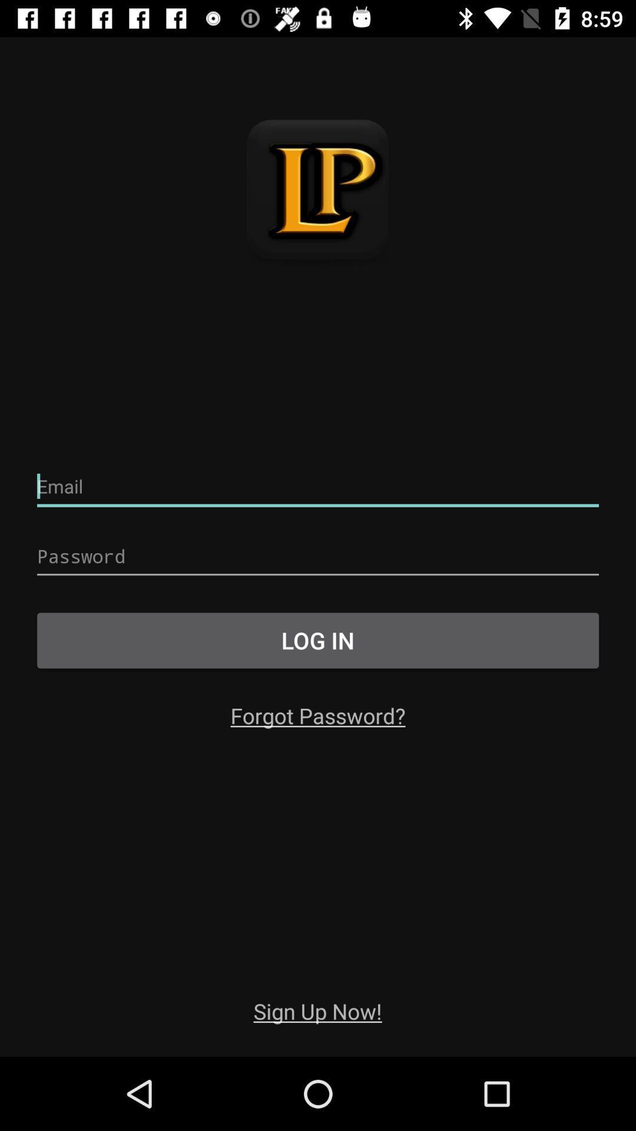  I want to click on email entry, so click(318, 487).